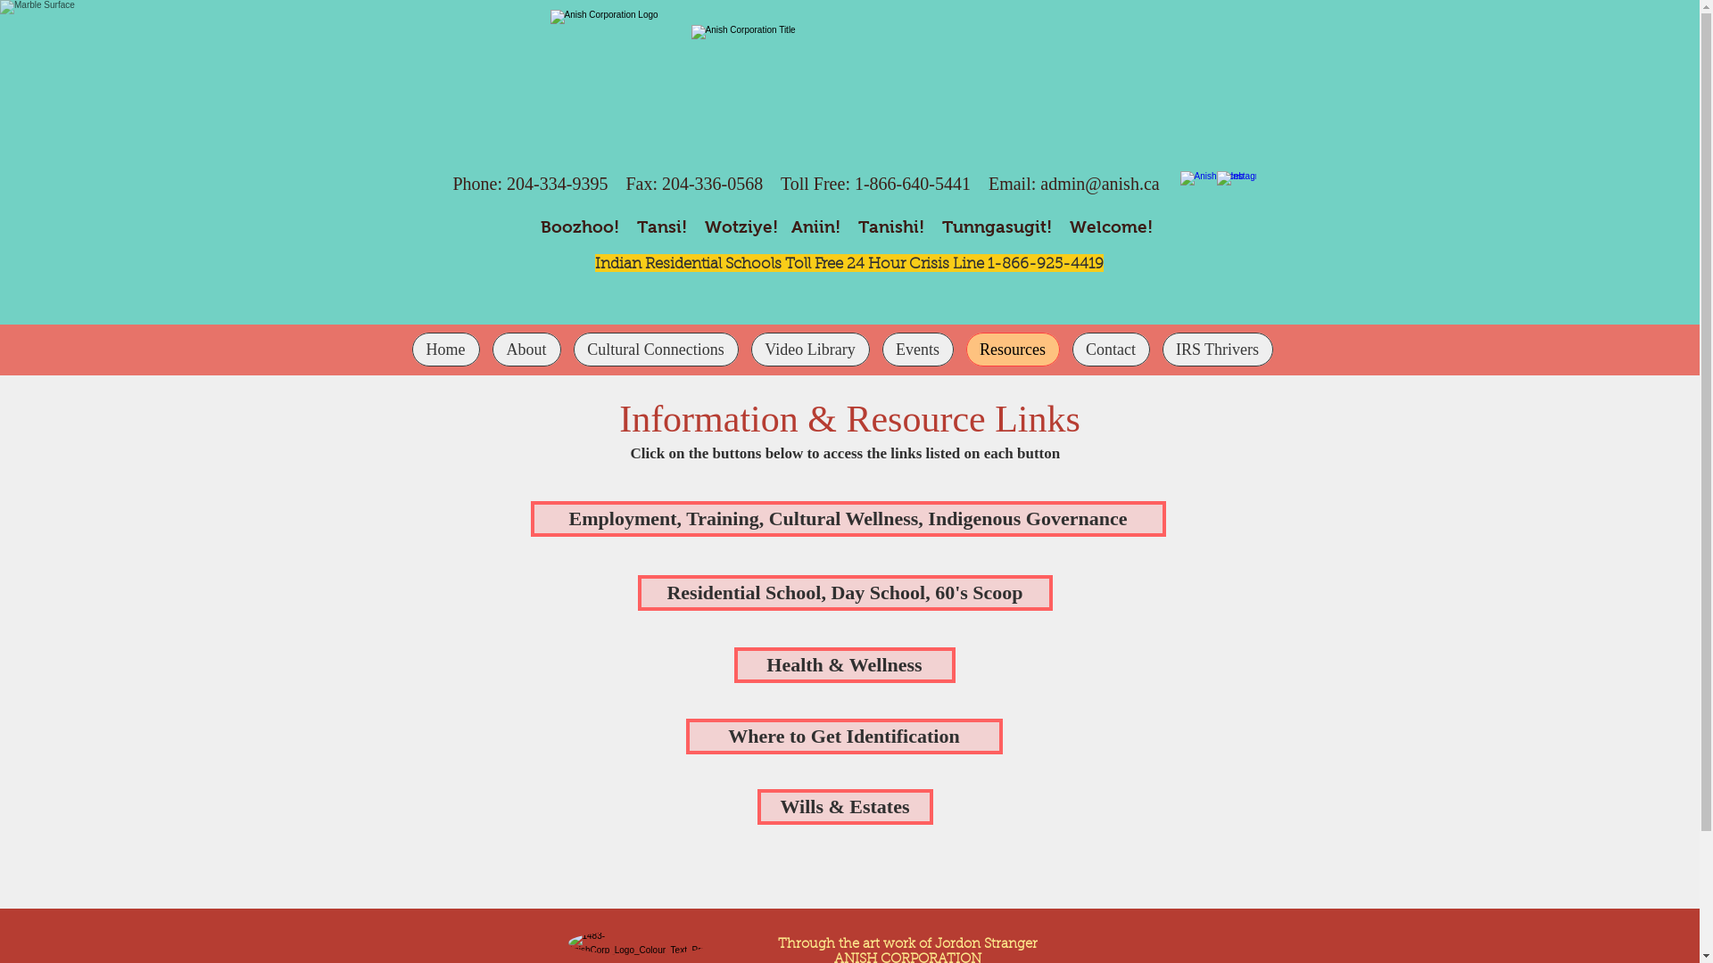 Image resolution: width=1713 pixels, height=963 pixels. Describe the element at coordinates (843, 807) in the screenshot. I see `'Wills & Estates'` at that location.